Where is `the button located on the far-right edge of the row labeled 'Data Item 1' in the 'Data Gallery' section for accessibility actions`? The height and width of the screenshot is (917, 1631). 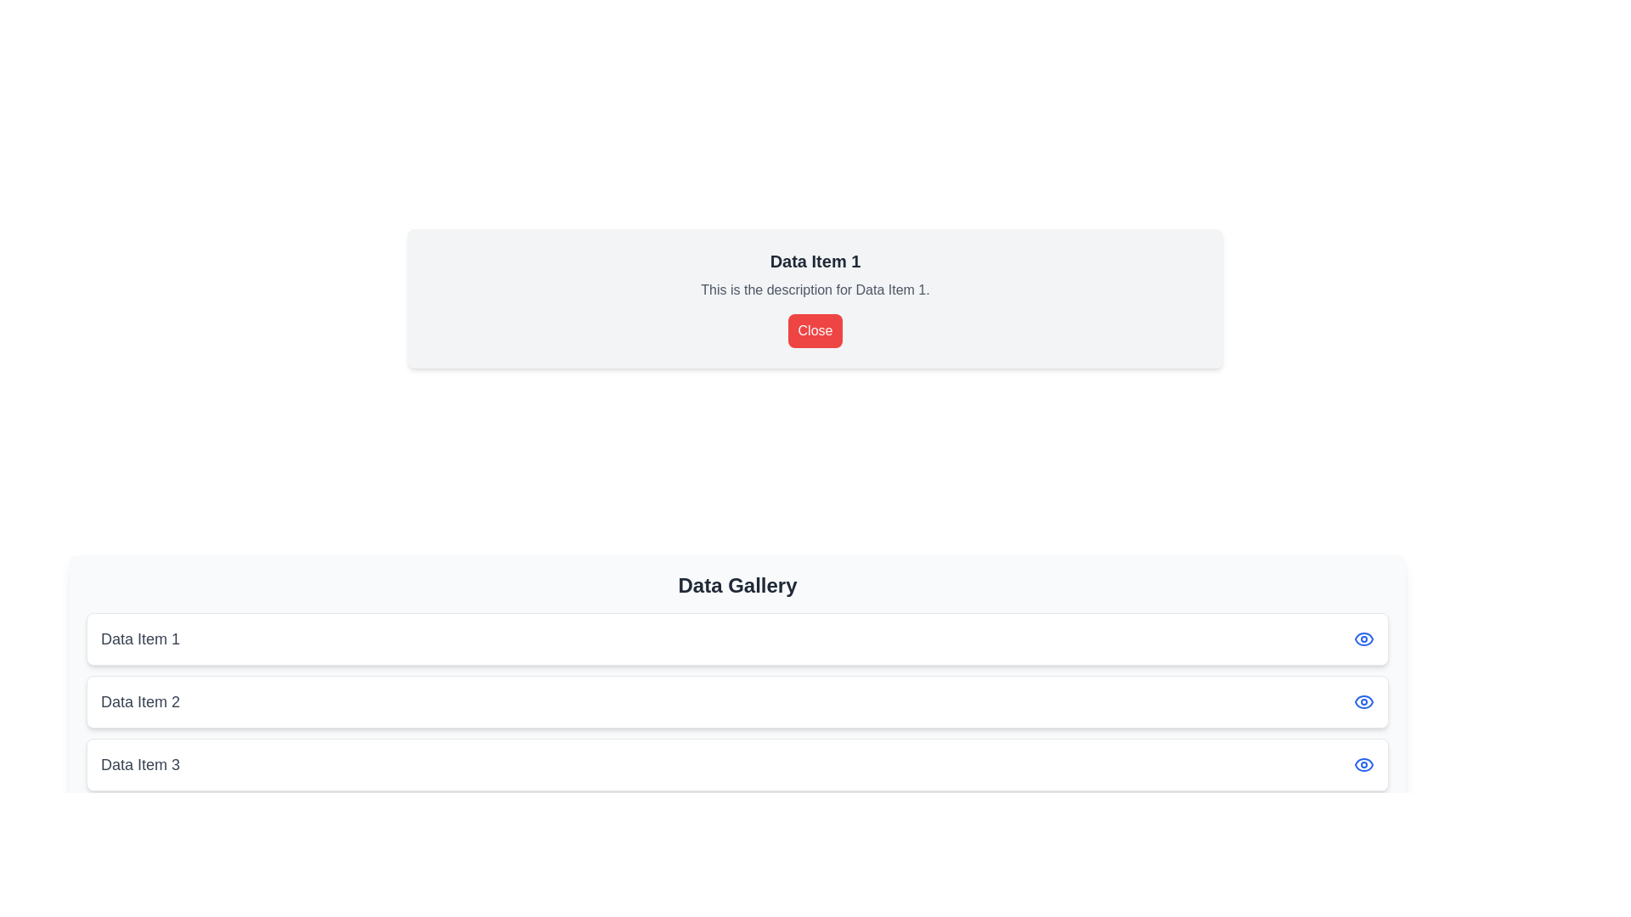
the button located on the far-right edge of the row labeled 'Data Item 1' in the 'Data Gallery' section for accessibility actions is located at coordinates (1364, 639).